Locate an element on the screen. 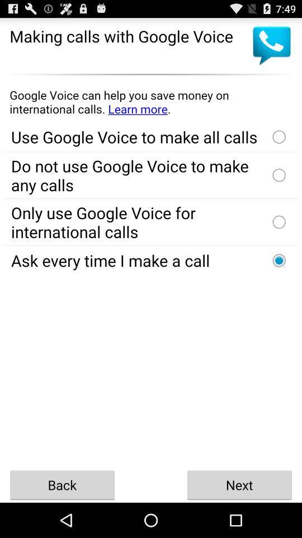 The width and height of the screenshot is (302, 538). option to select not use the voice call using google voice is located at coordinates (279, 175).